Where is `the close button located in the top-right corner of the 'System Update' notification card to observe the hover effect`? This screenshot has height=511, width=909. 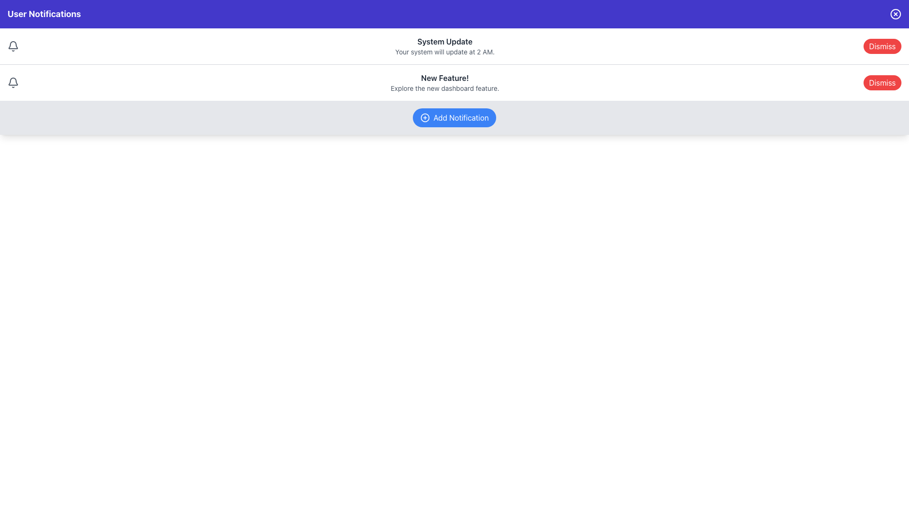 the close button located in the top-right corner of the 'System Update' notification card to observe the hover effect is located at coordinates (882, 46).